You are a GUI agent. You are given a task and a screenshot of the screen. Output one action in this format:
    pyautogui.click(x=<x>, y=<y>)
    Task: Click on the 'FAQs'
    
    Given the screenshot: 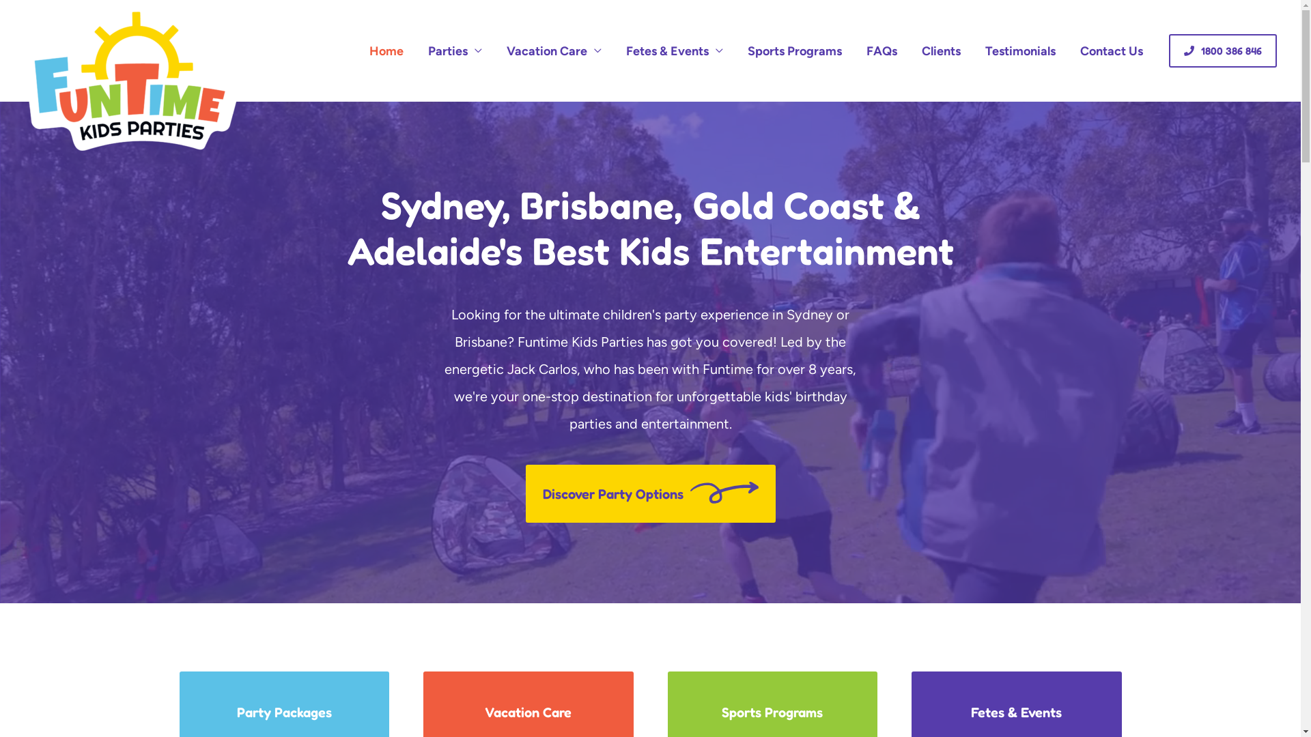 What is the action you would take?
    pyautogui.click(x=882, y=50)
    